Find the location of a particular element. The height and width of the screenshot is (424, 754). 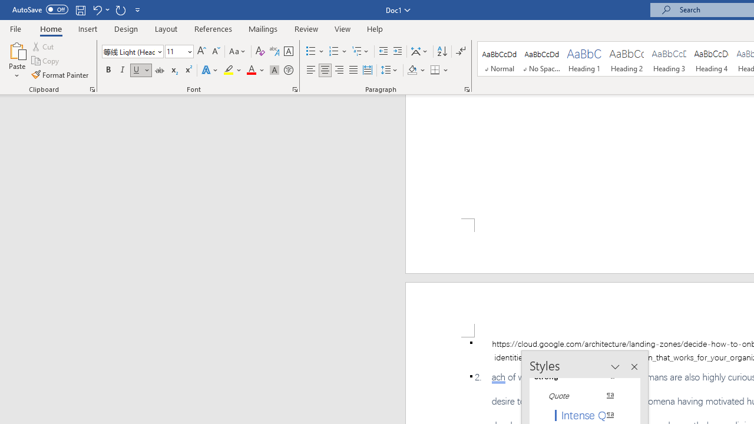

'Quote' is located at coordinates (580, 396).